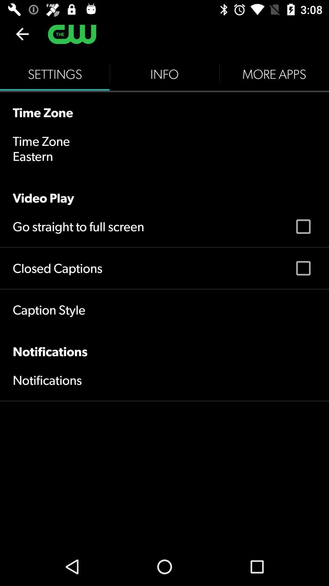 This screenshot has height=586, width=329. I want to click on the settings item, so click(55, 74).